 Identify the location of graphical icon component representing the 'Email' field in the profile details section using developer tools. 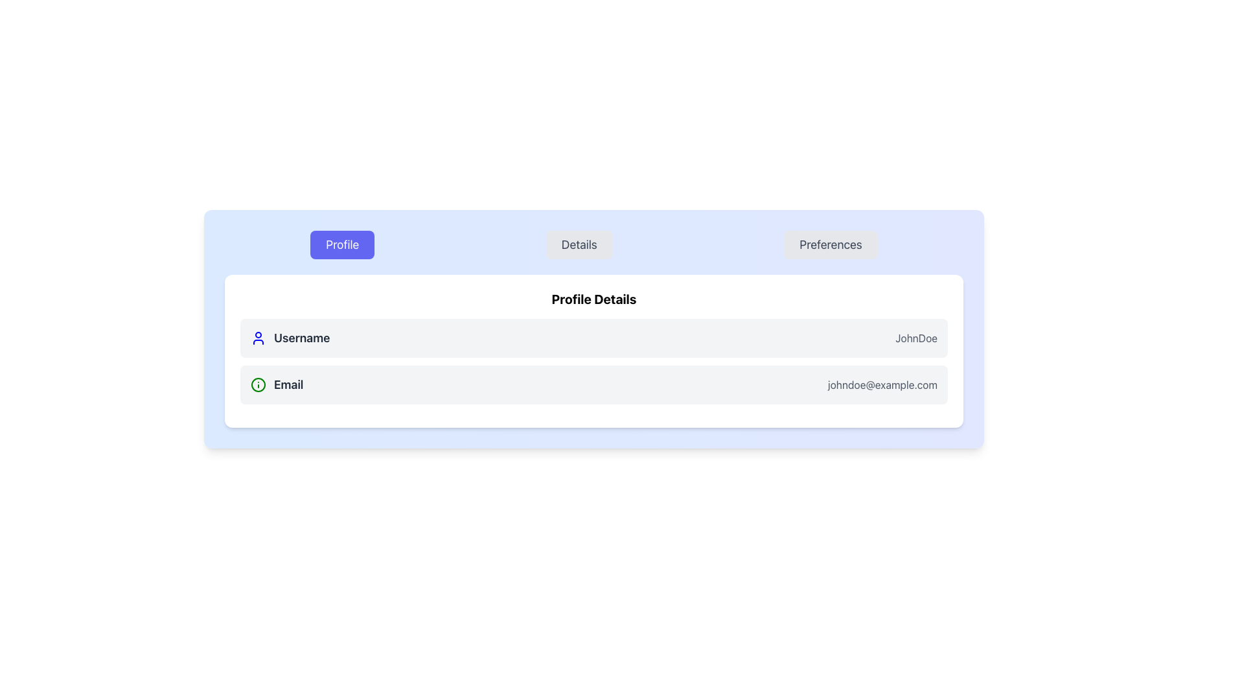
(258, 384).